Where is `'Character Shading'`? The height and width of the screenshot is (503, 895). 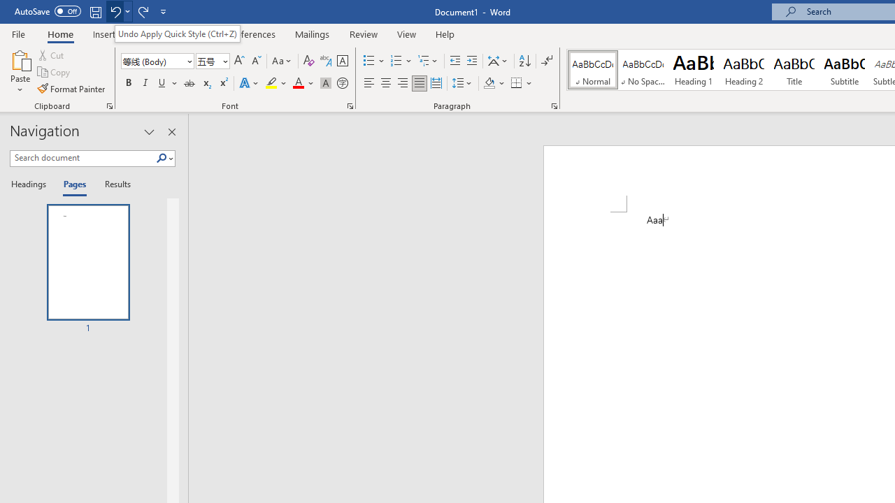
'Character Shading' is located at coordinates (324, 83).